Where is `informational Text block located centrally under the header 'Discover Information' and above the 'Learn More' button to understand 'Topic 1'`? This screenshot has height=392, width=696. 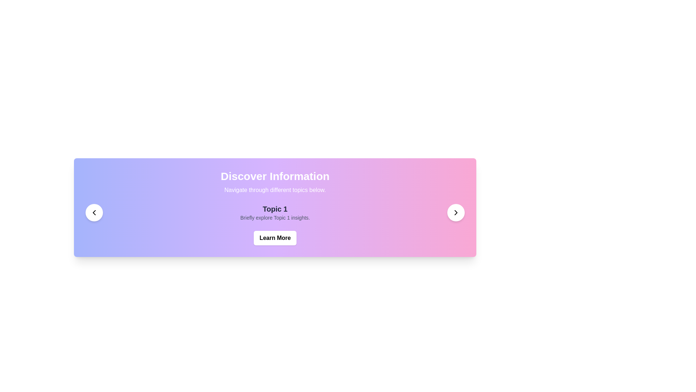 informational Text block located centrally under the header 'Discover Information' and above the 'Learn More' button to understand 'Topic 1' is located at coordinates (274, 212).